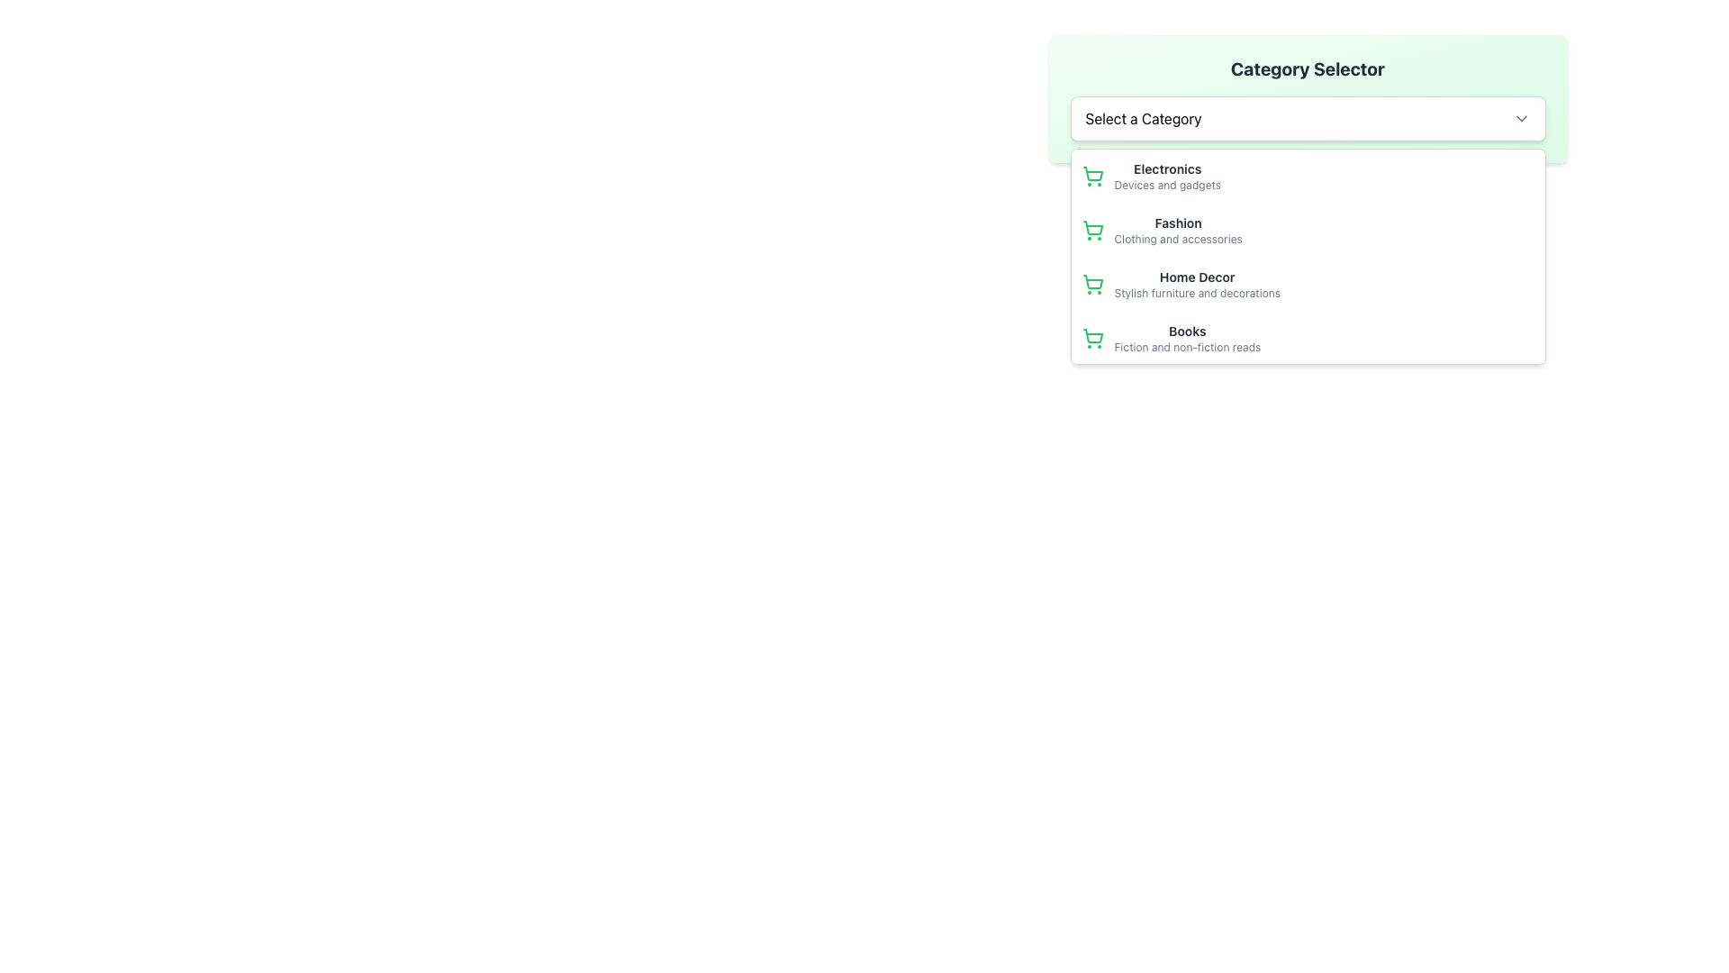  What do you see at coordinates (1167, 177) in the screenshot?
I see `the 'Electronics' category option in the dropdown menu` at bounding box center [1167, 177].